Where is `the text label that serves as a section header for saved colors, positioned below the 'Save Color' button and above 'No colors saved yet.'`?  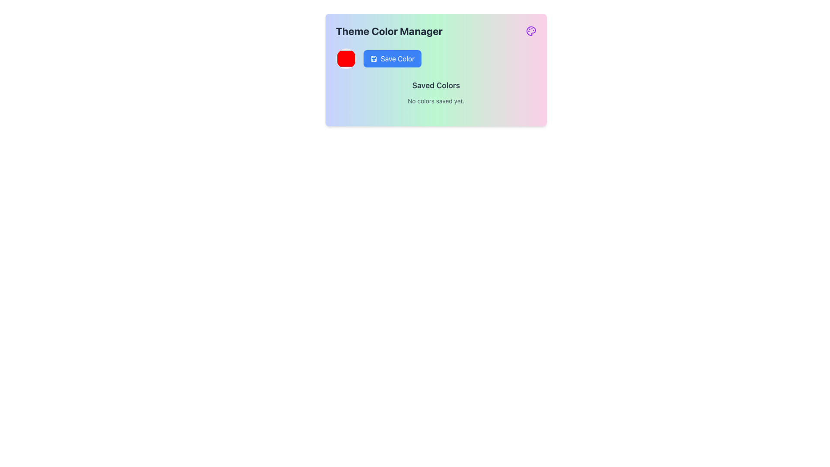
the text label that serves as a section header for saved colors, positioned below the 'Save Color' button and above 'No colors saved yet.' is located at coordinates (436, 85).